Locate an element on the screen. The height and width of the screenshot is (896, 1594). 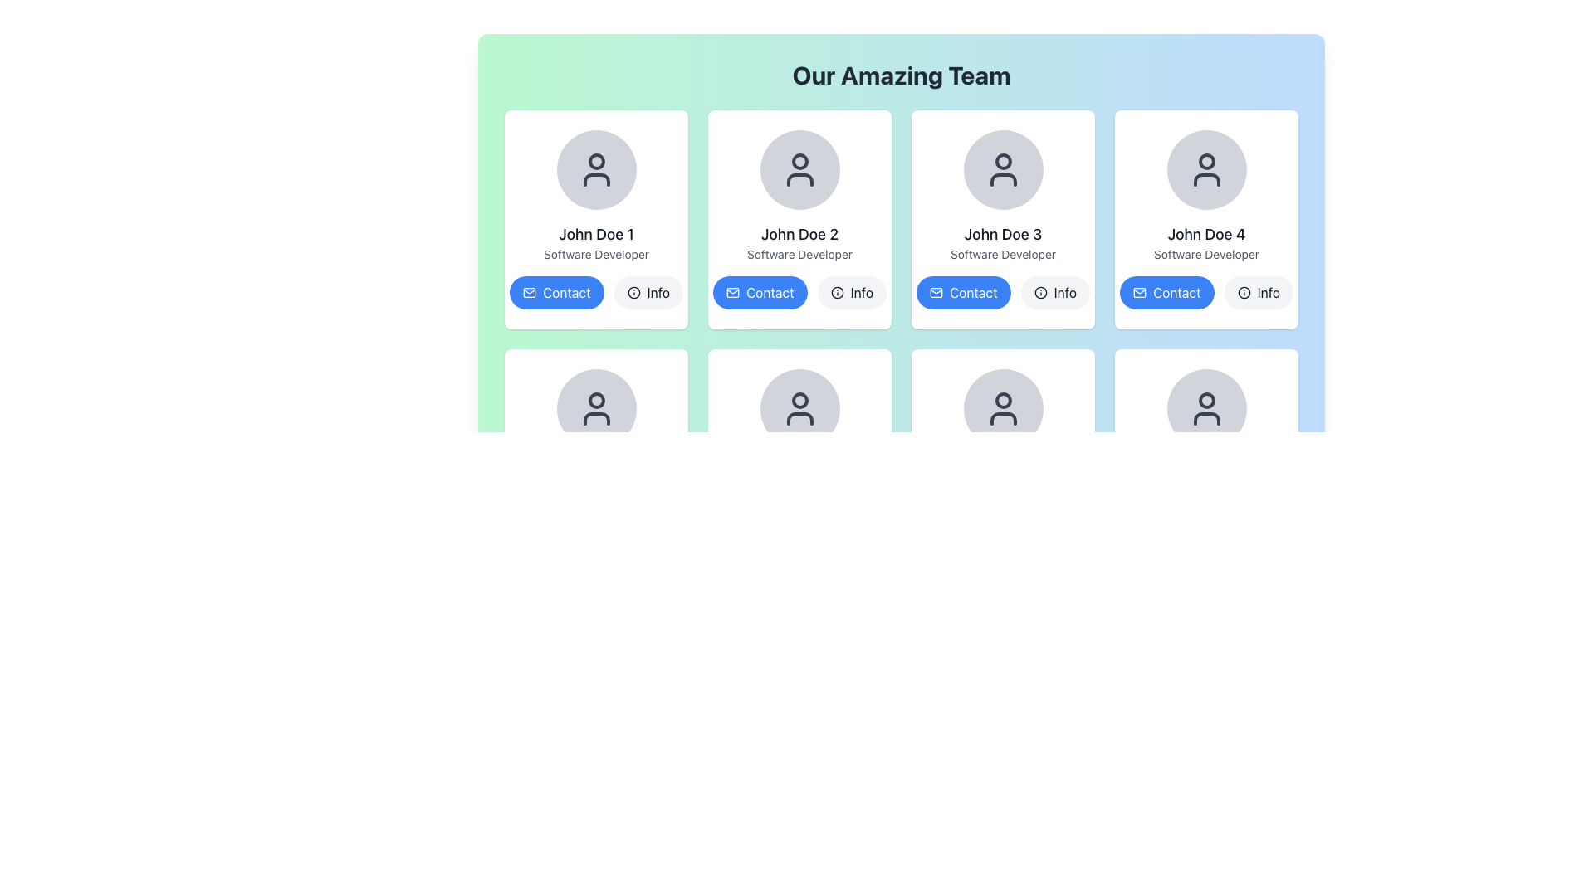
the image placeholder representing the user profile picture for 'John Doe 4', located in the top row of profile cards, specifically in the fourth card from the left is located at coordinates (1206, 169).